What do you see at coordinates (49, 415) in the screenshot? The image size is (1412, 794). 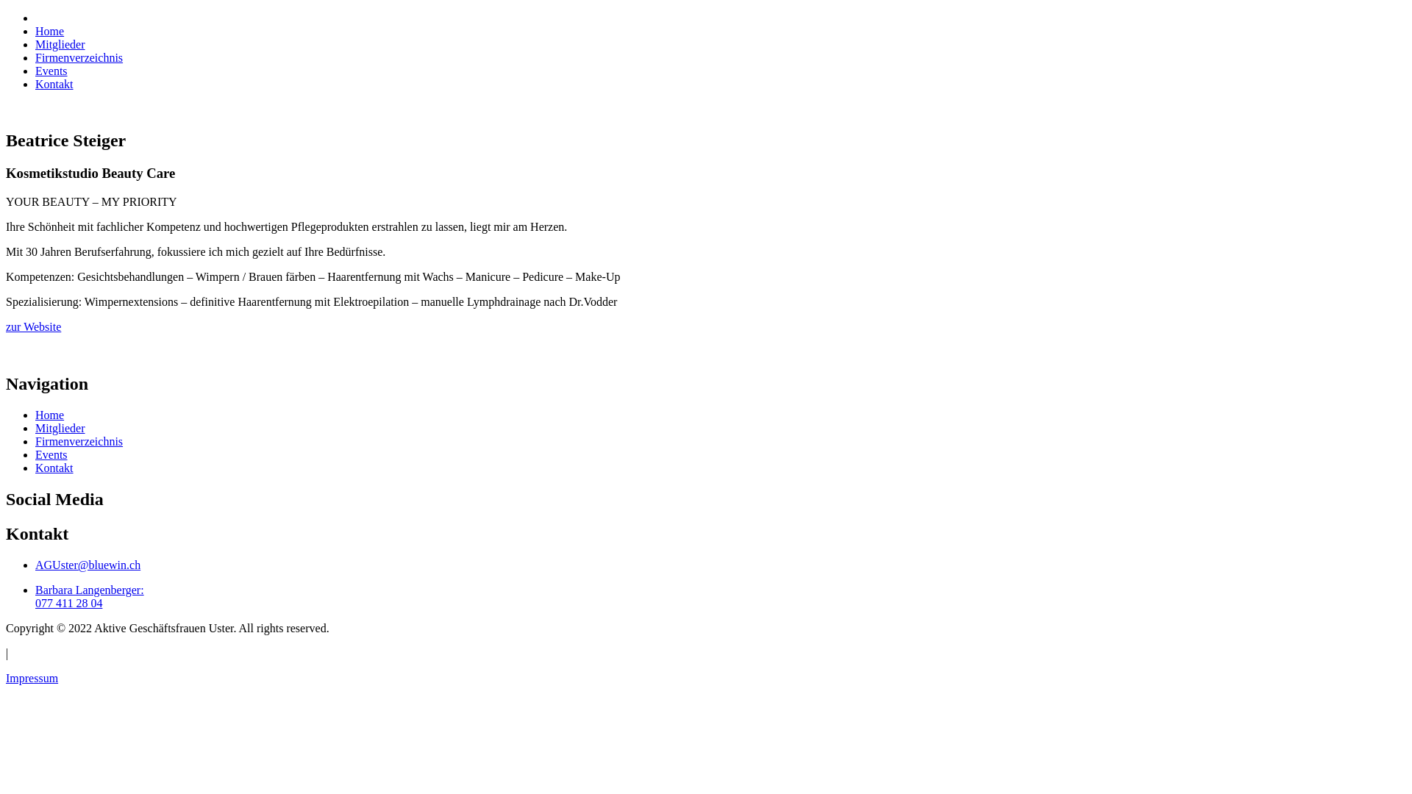 I see `'Home'` at bounding box center [49, 415].